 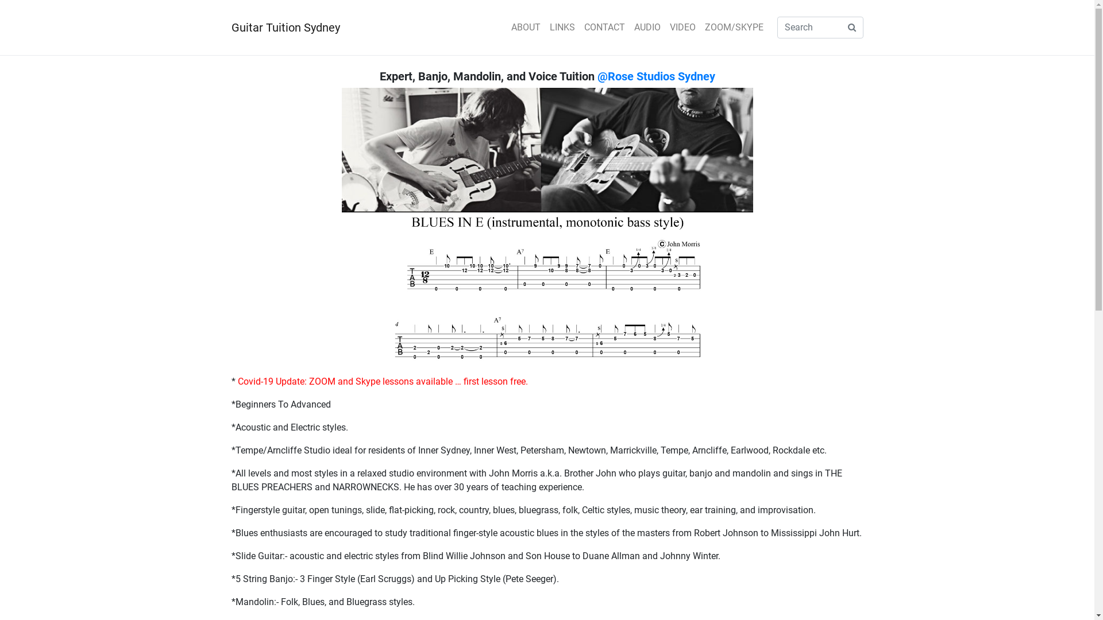 What do you see at coordinates (647, 26) in the screenshot?
I see `'AUDIO'` at bounding box center [647, 26].